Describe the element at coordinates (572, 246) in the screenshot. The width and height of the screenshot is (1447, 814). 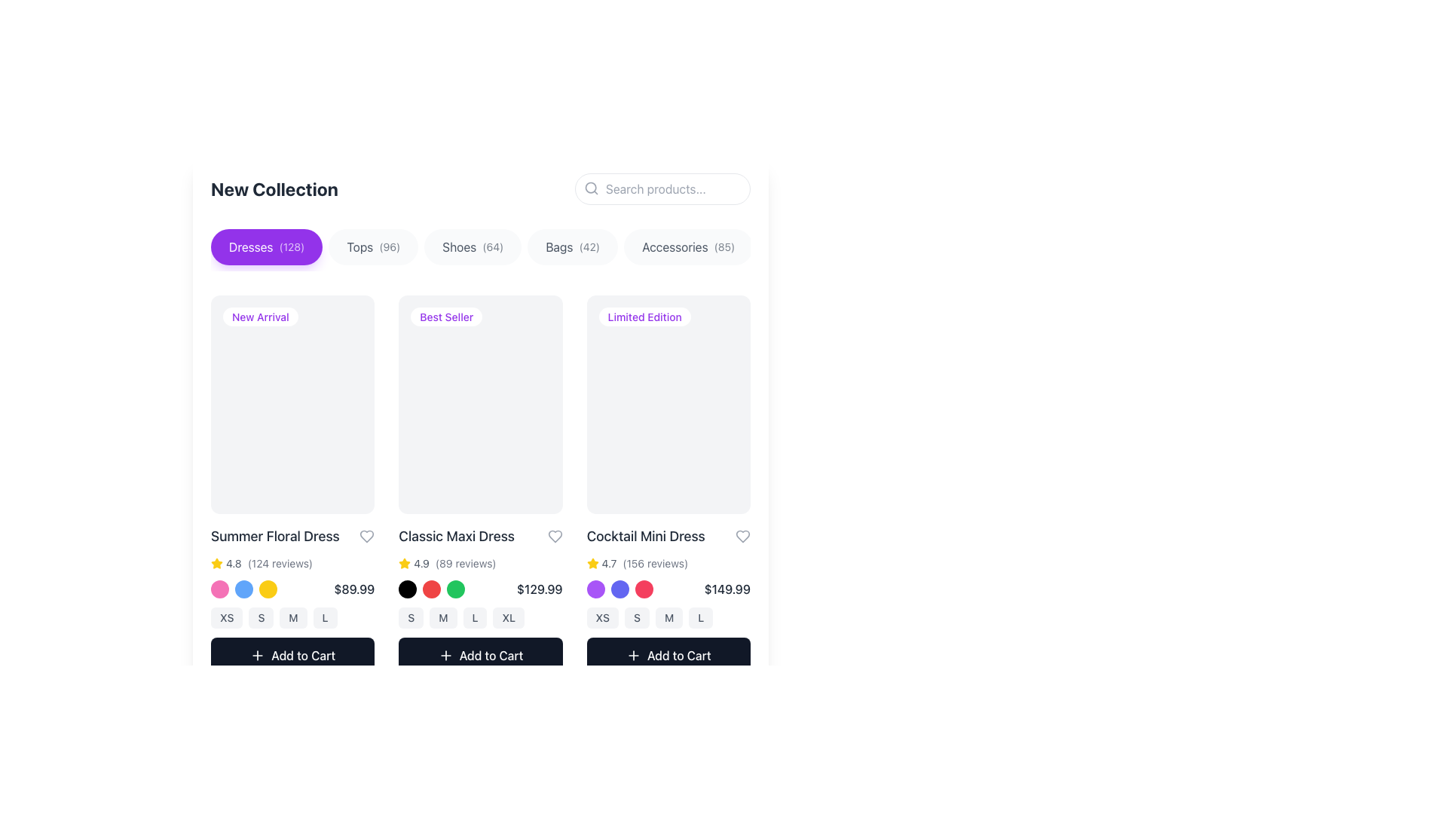
I see `the fourth button labeled 'Bags' to filter the displayed items to show only those within the 'Bags' category` at that location.